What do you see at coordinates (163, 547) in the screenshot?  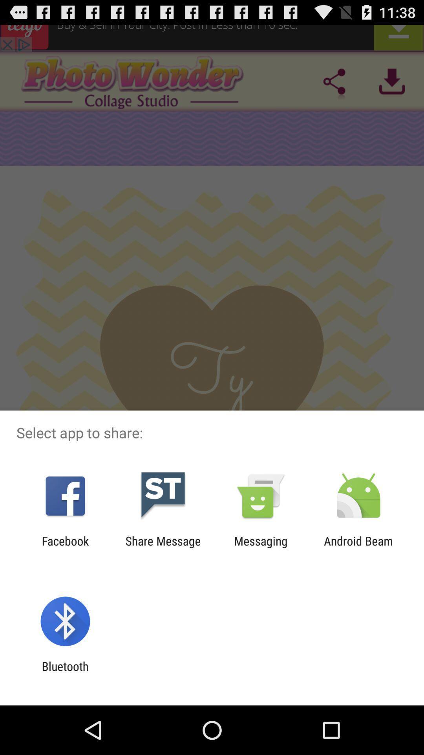 I see `the share message app` at bounding box center [163, 547].